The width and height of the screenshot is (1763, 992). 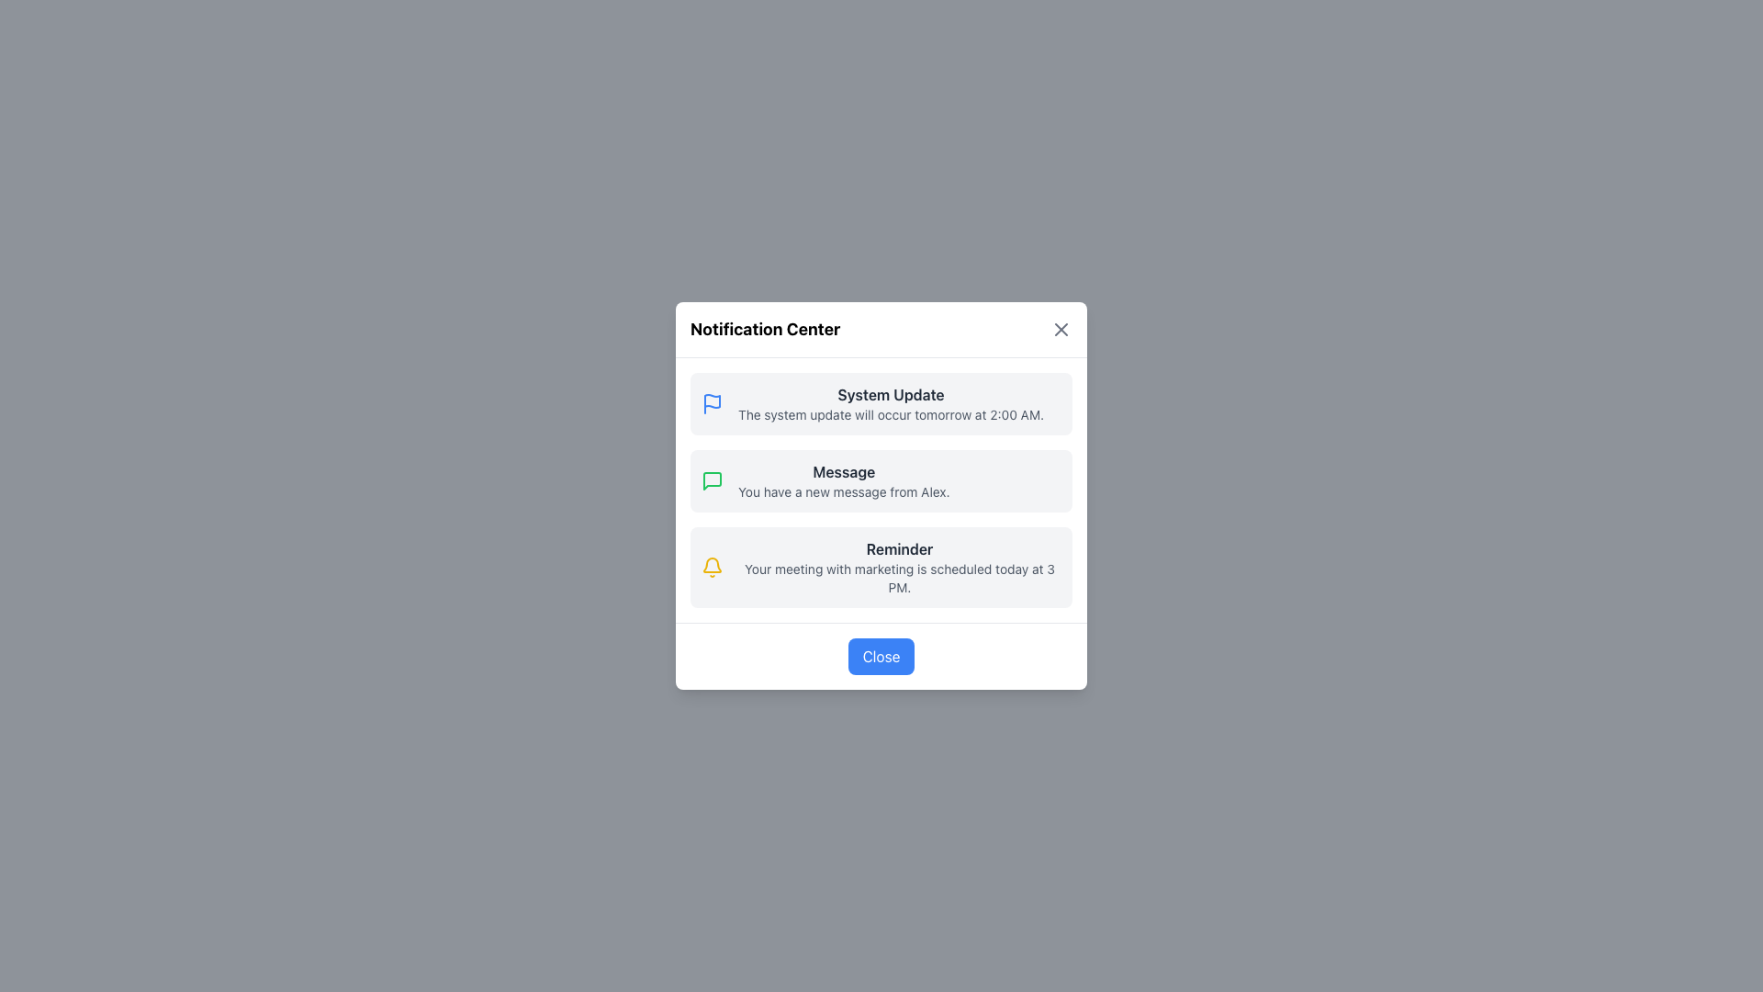 I want to click on text content of the Notification Card that informs about the upcoming system update, which includes the title 'System Update' and the description 'The system update will occur tomorrow at 2:00 AM.', so click(x=881, y=402).